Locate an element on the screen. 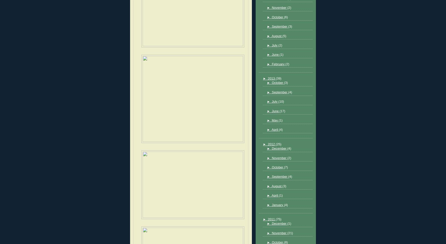 This screenshot has width=446, height=244. '(75)' is located at coordinates (278, 219).